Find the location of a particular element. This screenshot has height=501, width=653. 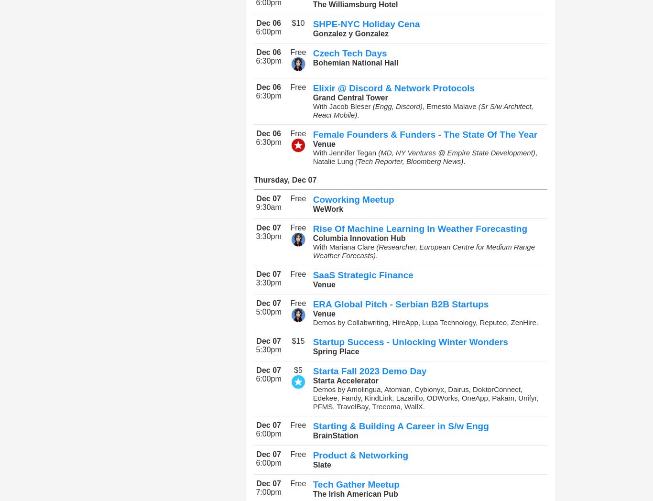

', Ernesto Malave' is located at coordinates (450, 106).